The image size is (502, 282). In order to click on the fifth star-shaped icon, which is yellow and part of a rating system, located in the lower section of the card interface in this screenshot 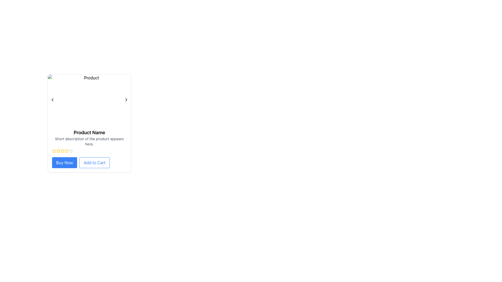, I will do `click(62, 151)`.